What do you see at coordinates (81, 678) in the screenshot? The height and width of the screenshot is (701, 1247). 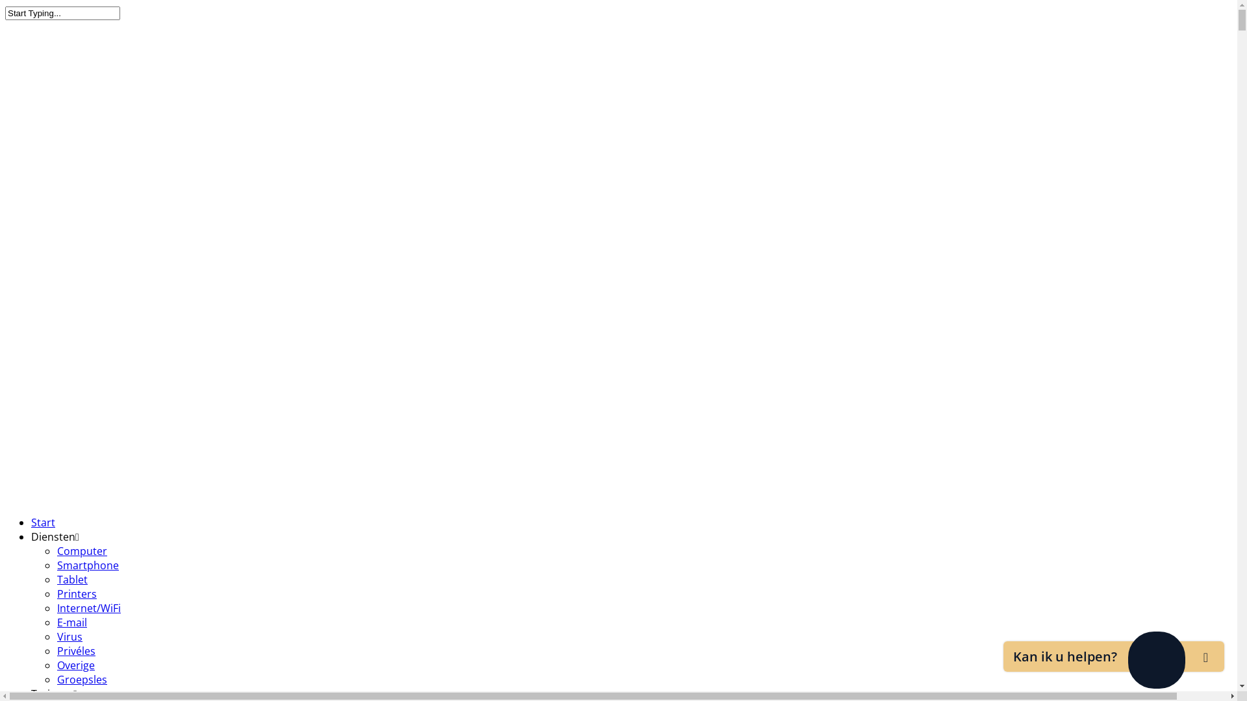 I see `'Groepsles'` at bounding box center [81, 678].